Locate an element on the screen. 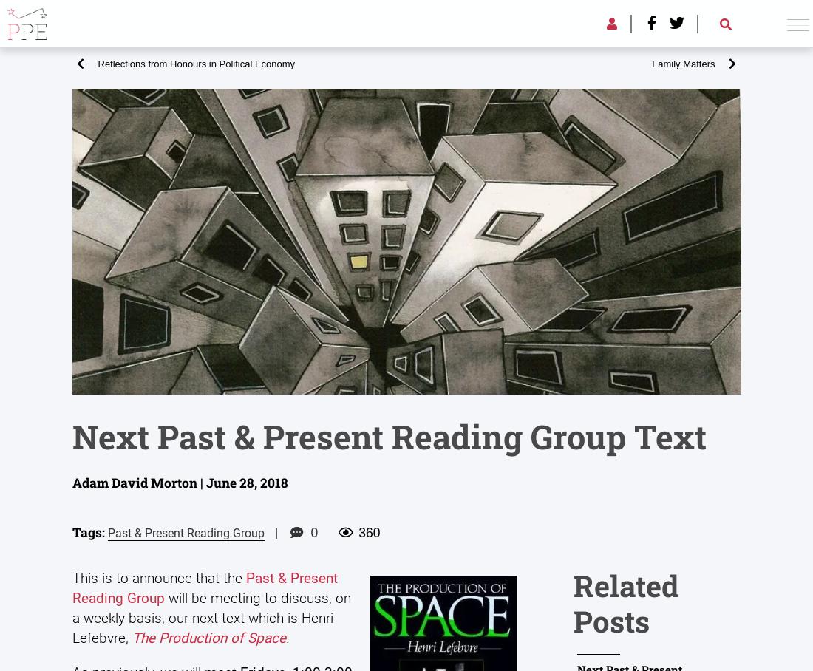 This screenshot has height=671, width=813. '.' is located at coordinates (285, 636).